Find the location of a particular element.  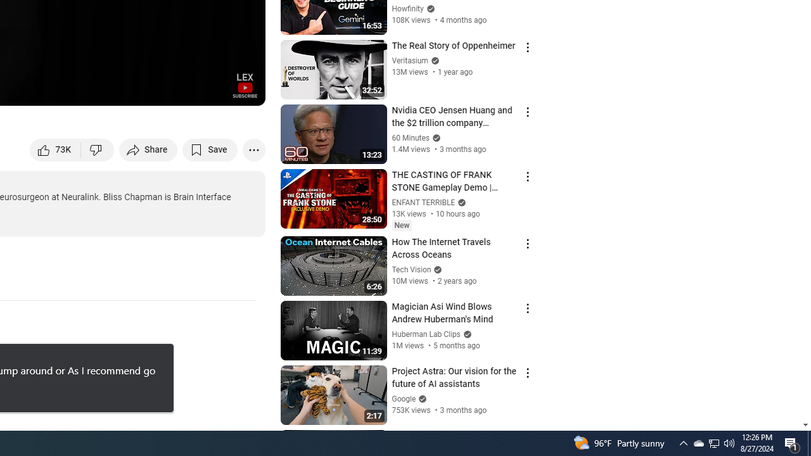

'Dislike this video' is located at coordinates (97, 149).